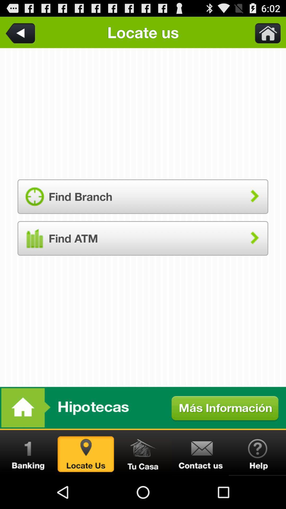 This screenshot has width=286, height=509. Describe the element at coordinates (86, 485) in the screenshot. I see `the location icon` at that location.